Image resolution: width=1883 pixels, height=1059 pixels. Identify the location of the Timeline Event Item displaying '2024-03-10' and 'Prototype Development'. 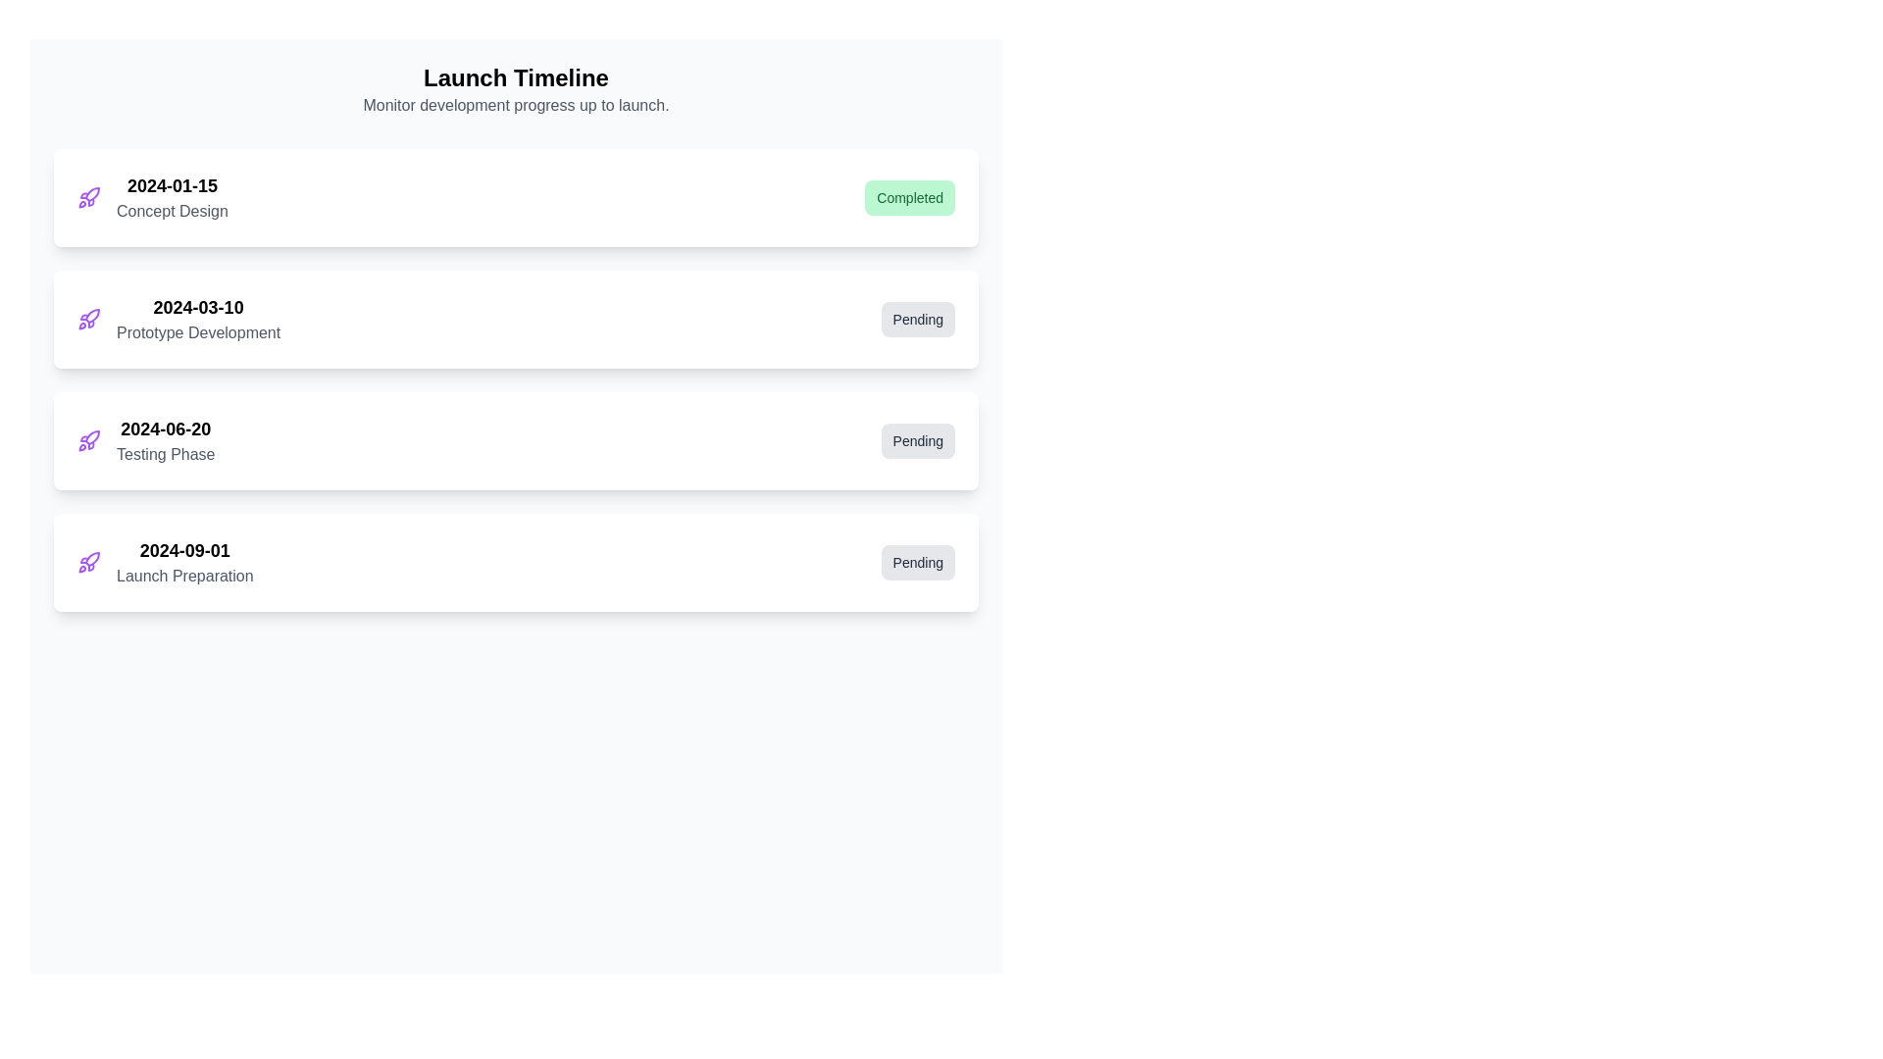
(178, 319).